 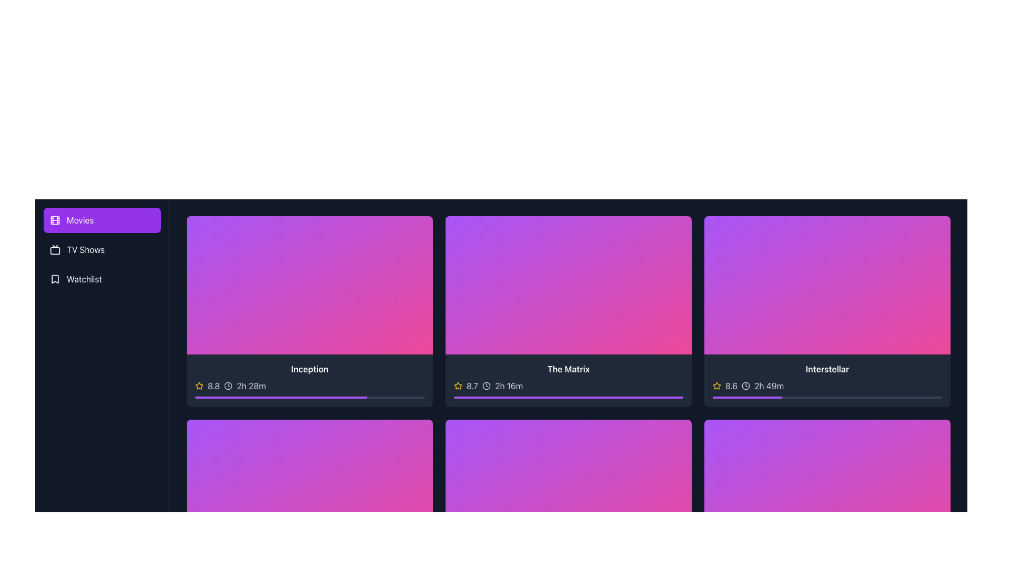 I want to click on the second media card in the grid, so click(x=568, y=310).